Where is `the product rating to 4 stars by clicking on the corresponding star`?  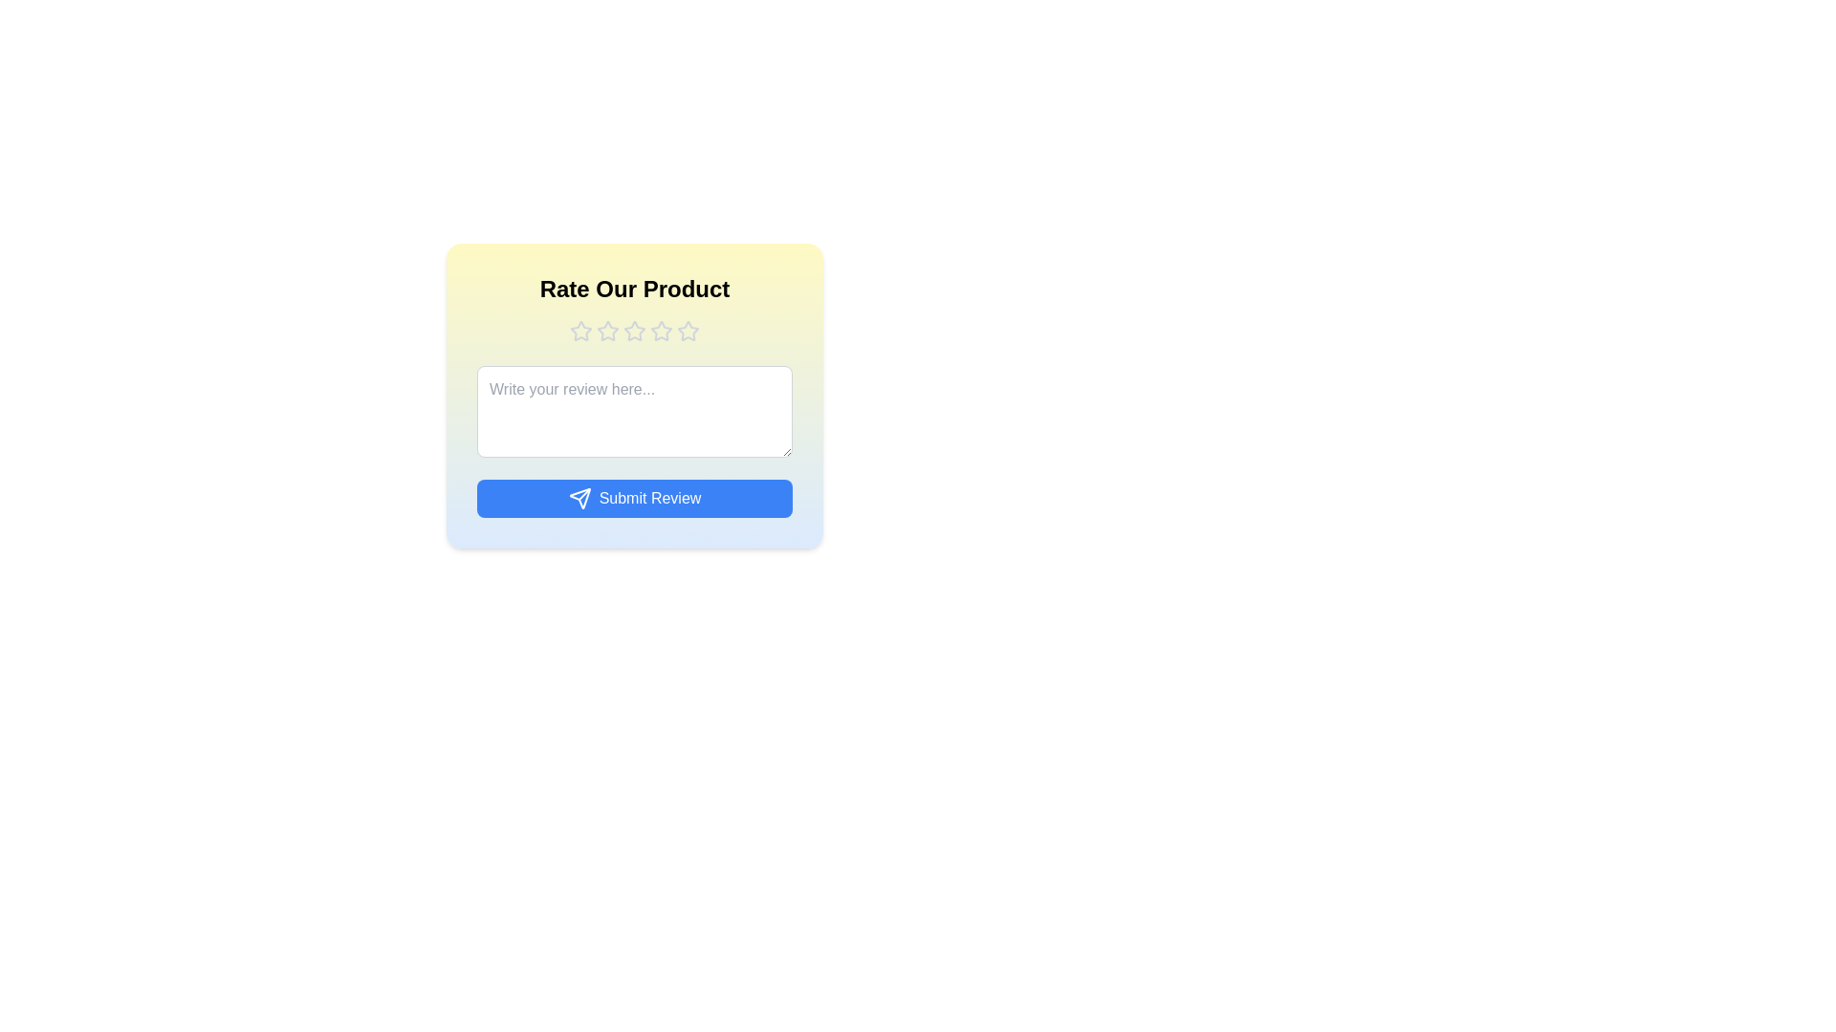 the product rating to 4 stars by clicking on the corresponding star is located at coordinates (661, 331).